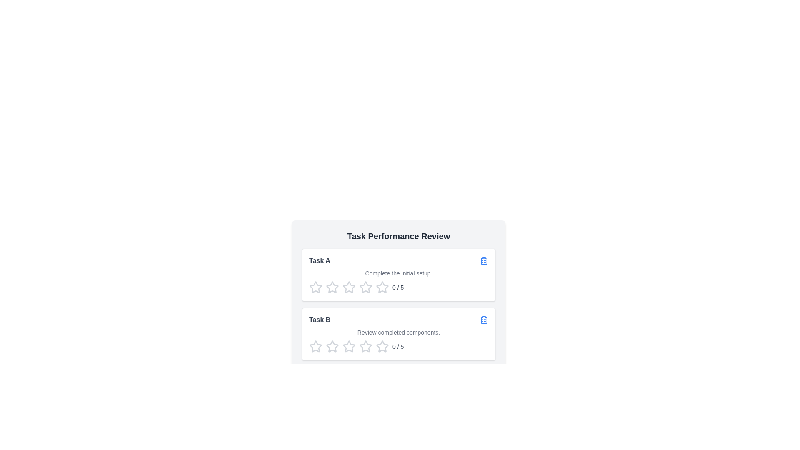  I want to click on the fourth star in the row of five stars under 'Task B' in the 'Task Performance Review' section to indicate a rating selection, so click(349, 347).